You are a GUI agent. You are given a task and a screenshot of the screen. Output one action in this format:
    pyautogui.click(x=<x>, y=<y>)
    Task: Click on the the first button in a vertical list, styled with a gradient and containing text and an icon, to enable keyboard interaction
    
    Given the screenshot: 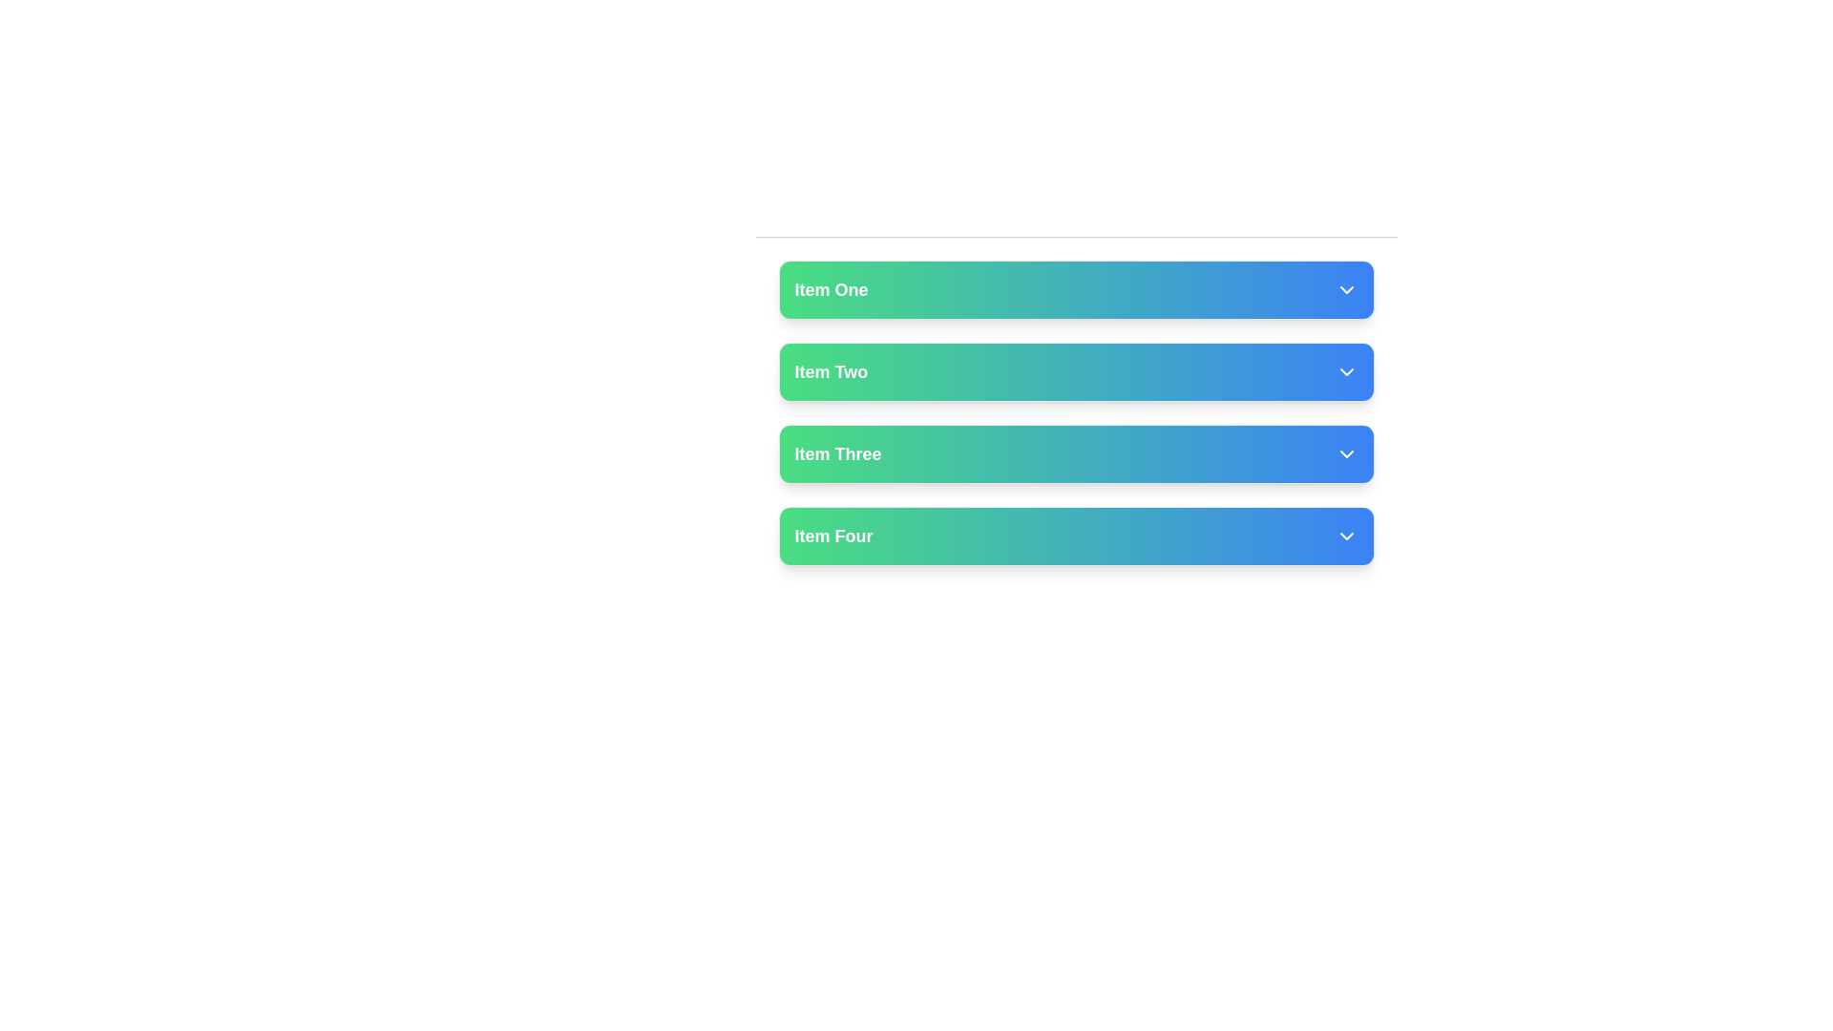 What is the action you would take?
    pyautogui.click(x=1076, y=290)
    